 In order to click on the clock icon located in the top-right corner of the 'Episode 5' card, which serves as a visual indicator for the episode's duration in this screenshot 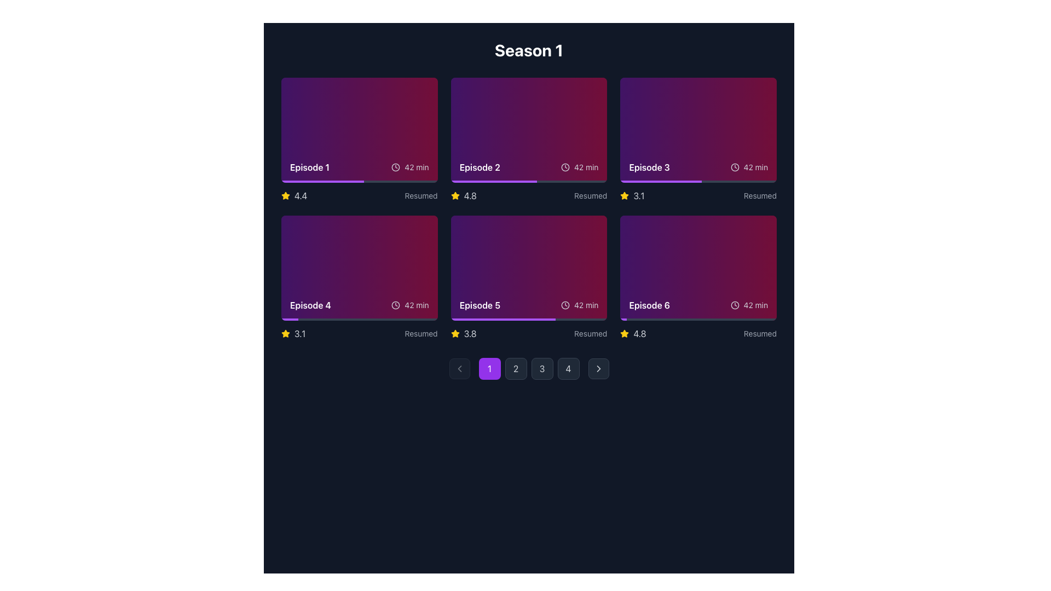, I will do `click(565, 305)`.